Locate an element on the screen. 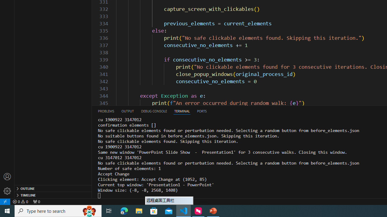  'Ports' is located at coordinates (202, 111).